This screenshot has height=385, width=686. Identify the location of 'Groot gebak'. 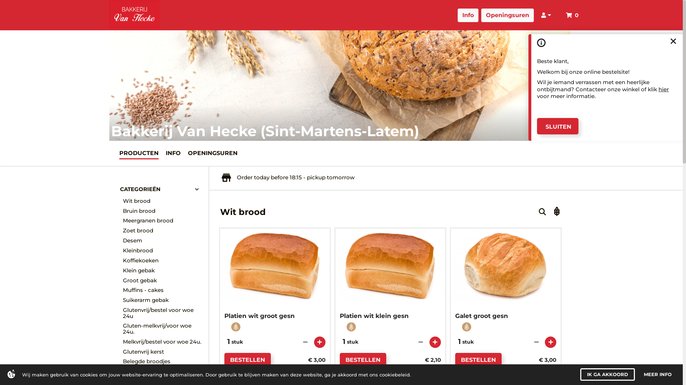
(163, 280).